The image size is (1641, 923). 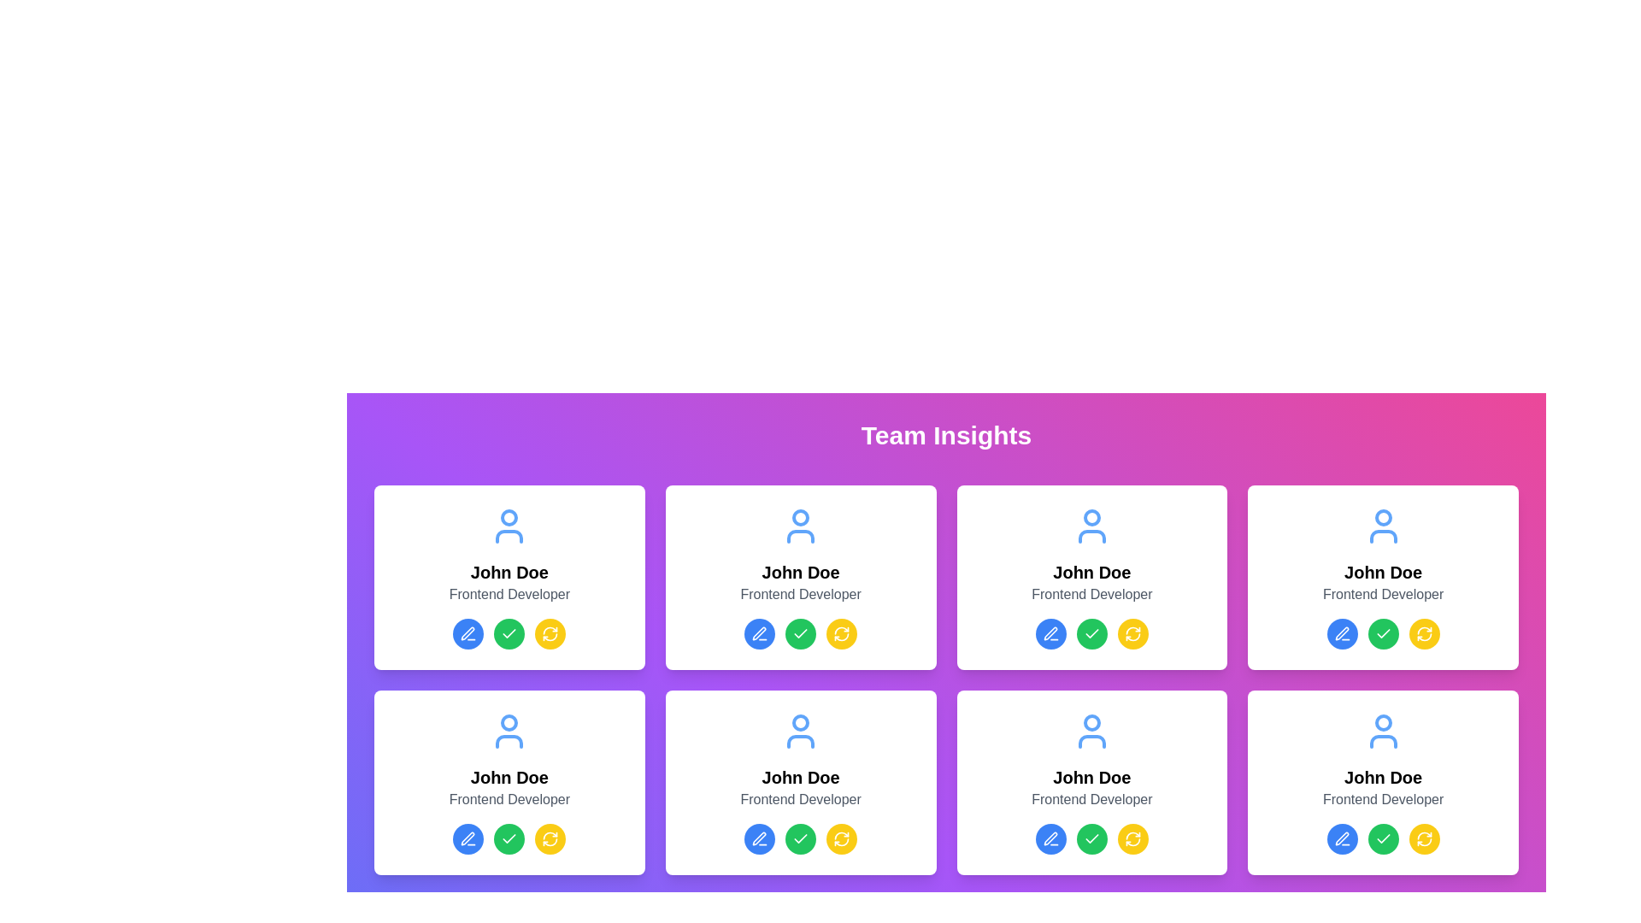 I want to click on the circular green button with a white check mark located in the lower portion of the profile card to confirm or approve, so click(x=799, y=838).